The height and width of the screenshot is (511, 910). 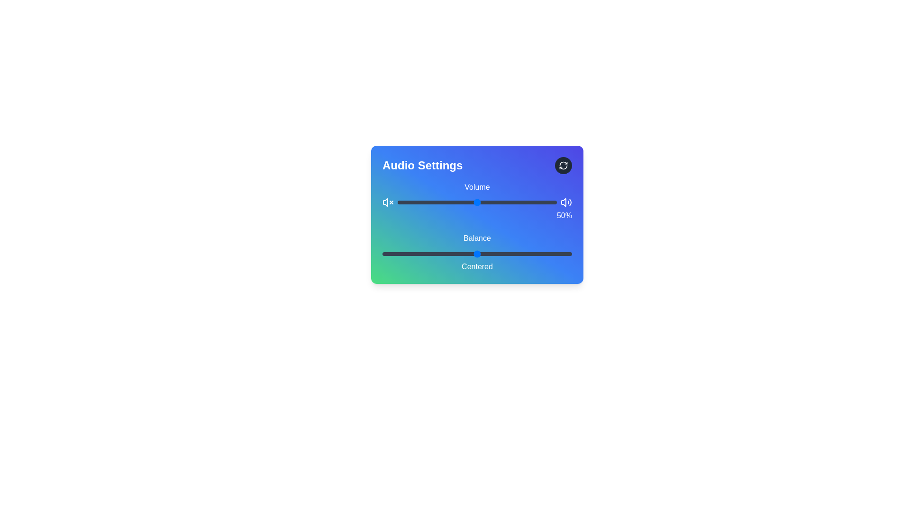 I want to click on the volume slider, so click(x=427, y=202).